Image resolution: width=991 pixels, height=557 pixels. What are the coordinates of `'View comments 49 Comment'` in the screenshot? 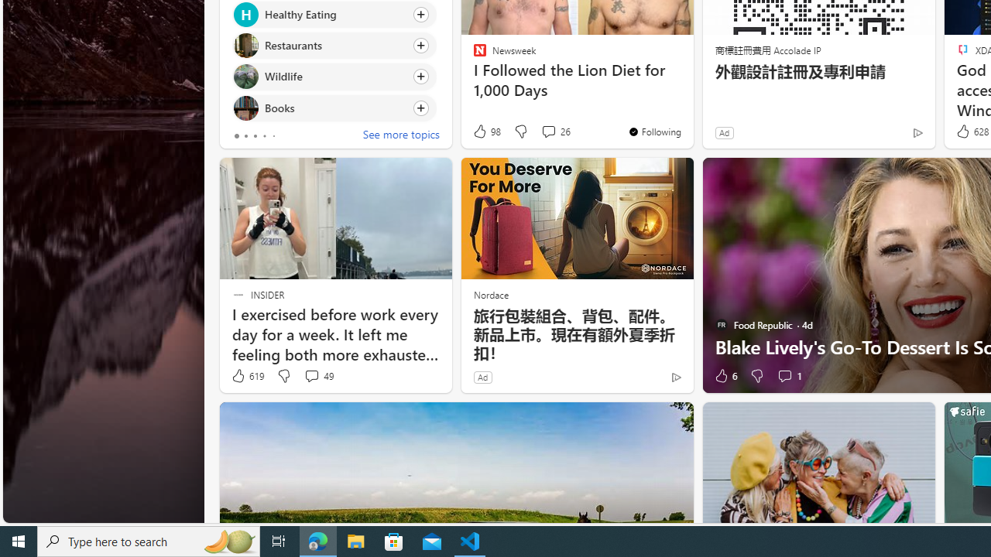 It's located at (317, 376).